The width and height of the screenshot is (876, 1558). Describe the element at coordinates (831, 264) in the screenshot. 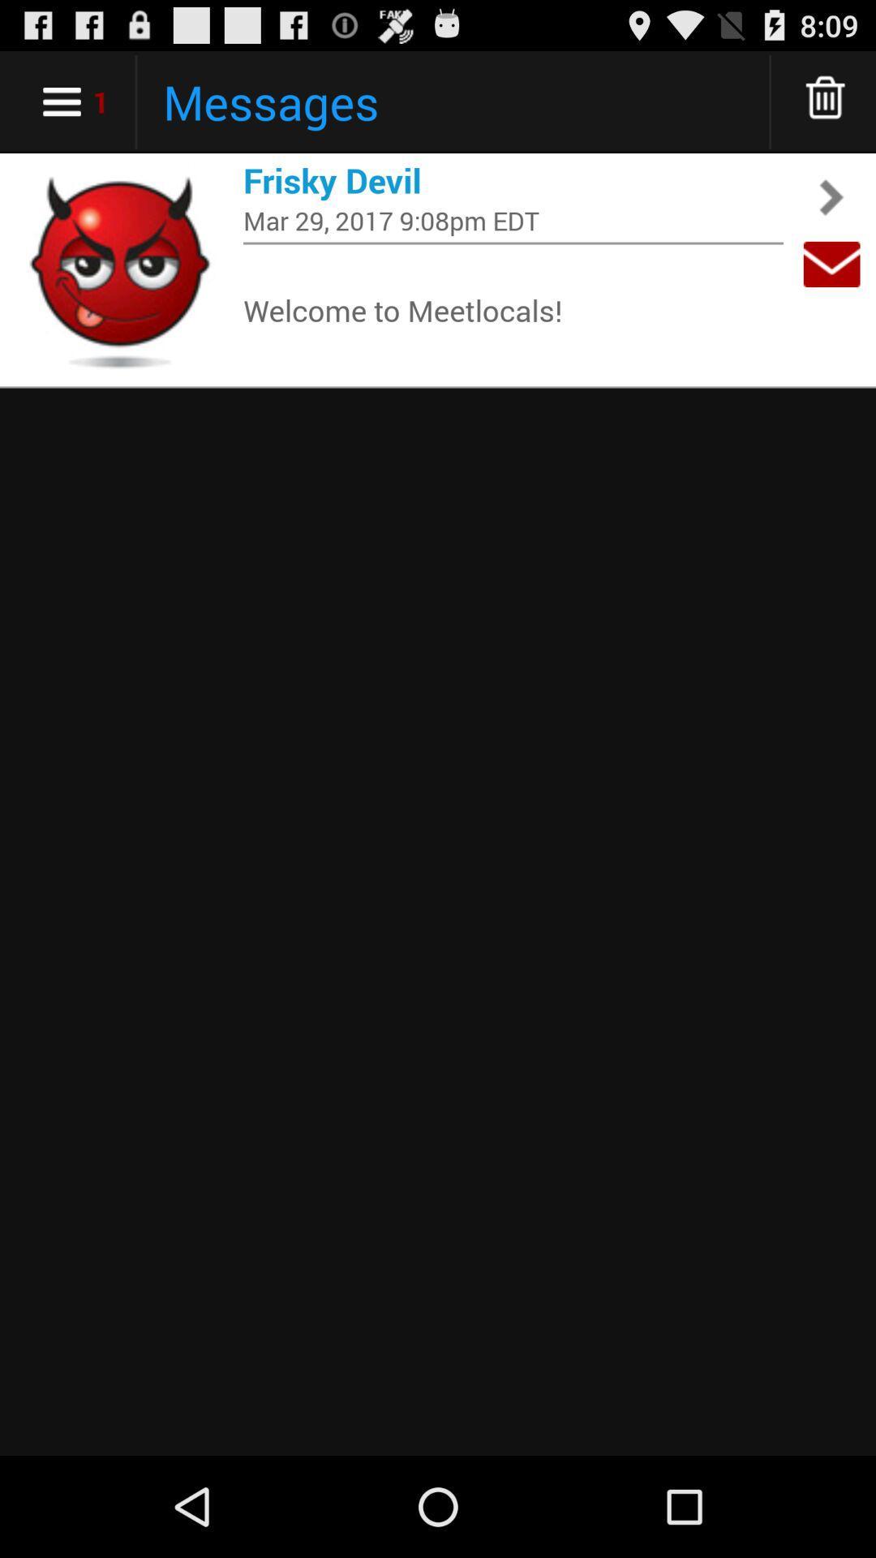

I see `item to the right of mar 29 2017 app` at that location.